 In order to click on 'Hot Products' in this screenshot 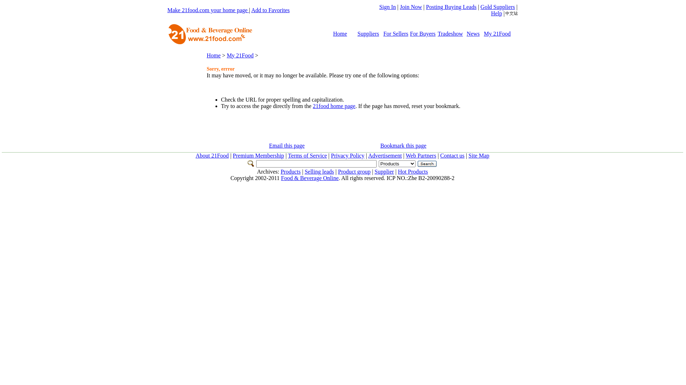, I will do `click(397, 171)`.